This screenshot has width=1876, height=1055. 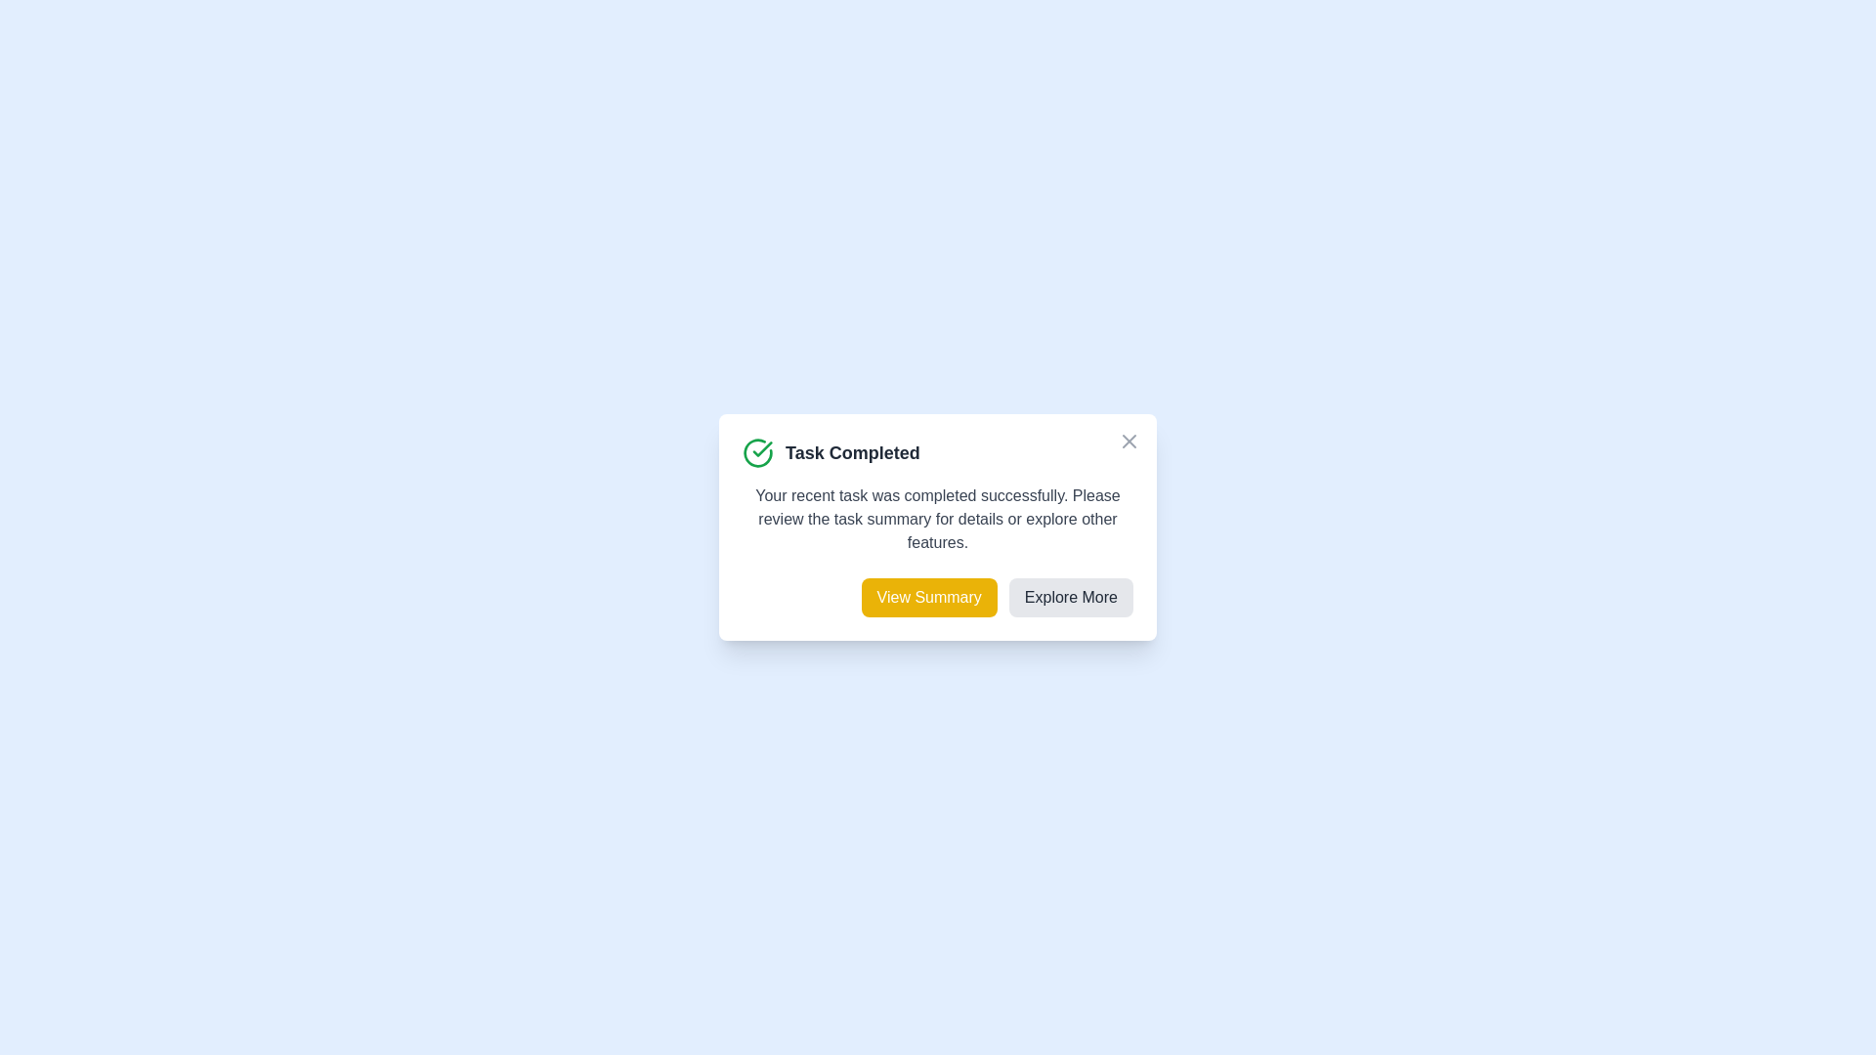 I want to click on the 'CheckCircle' icon indicating success, so click(x=757, y=452).